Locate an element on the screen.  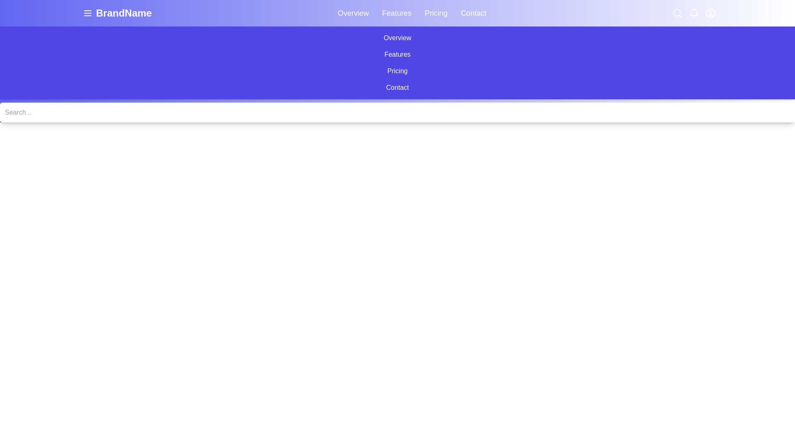
the 'BrandName' text in the Branding header to trigger a tooltip is located at coordinates (115, 13).